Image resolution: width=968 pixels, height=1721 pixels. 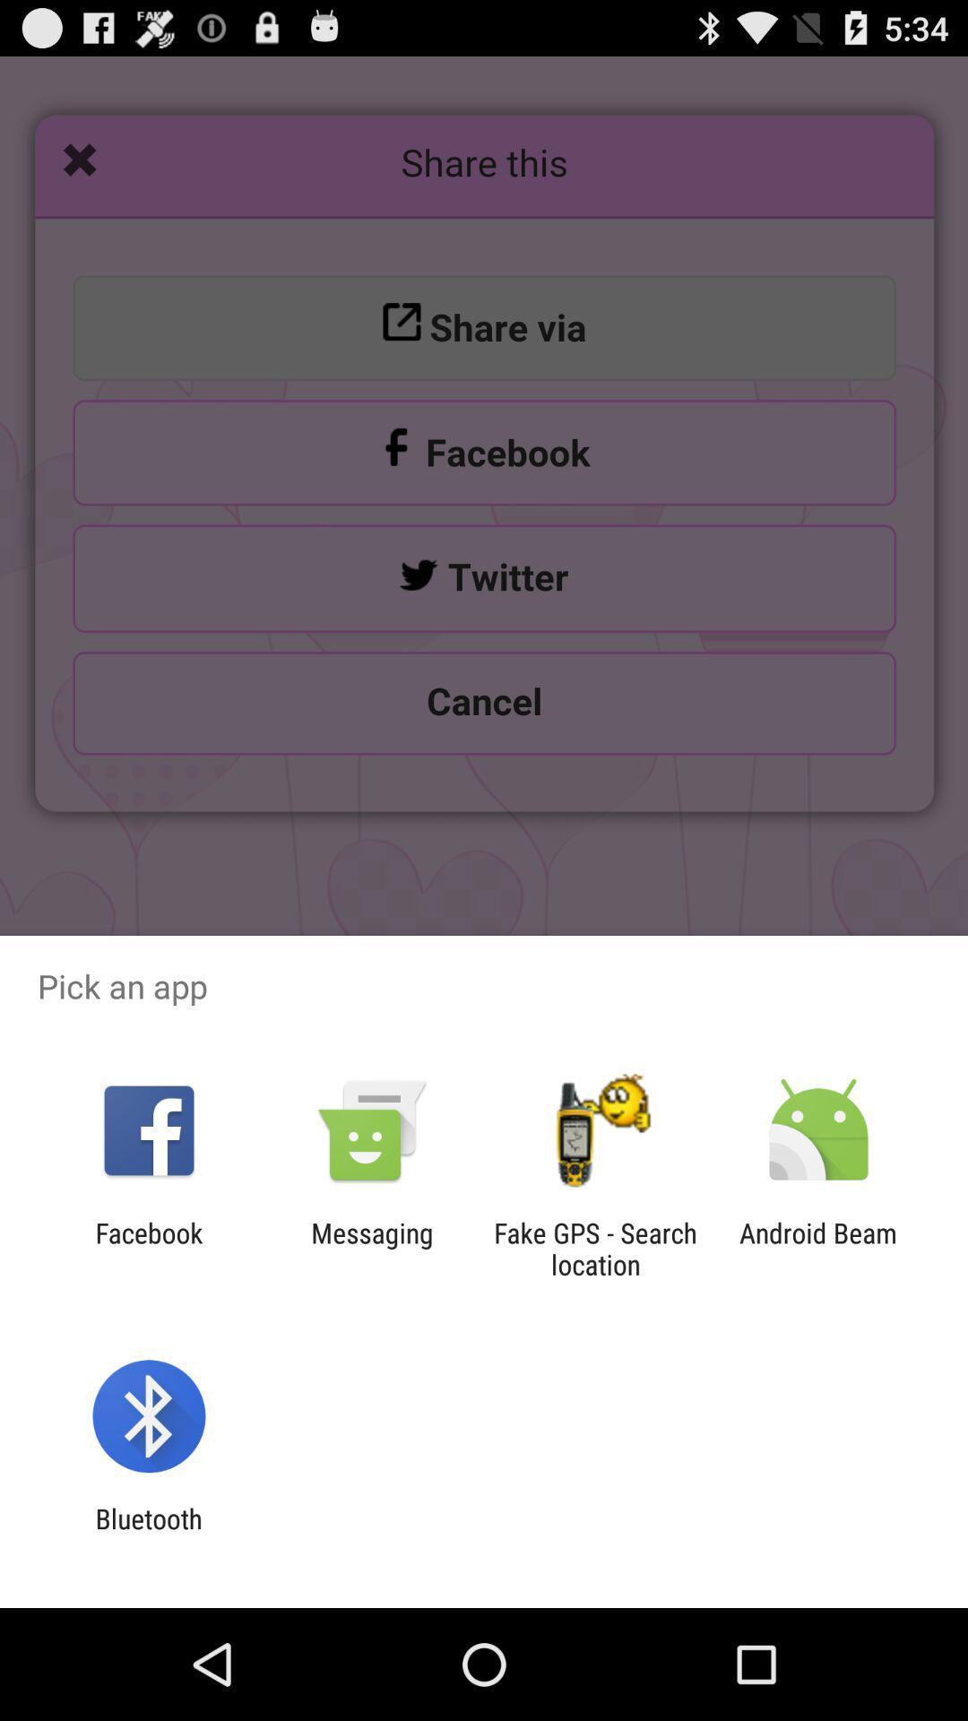 What do you see at coordinates (371, 1248) in the screenshot?
I see `the icon to the right of the facebook` at bounding box center [371, 1248].